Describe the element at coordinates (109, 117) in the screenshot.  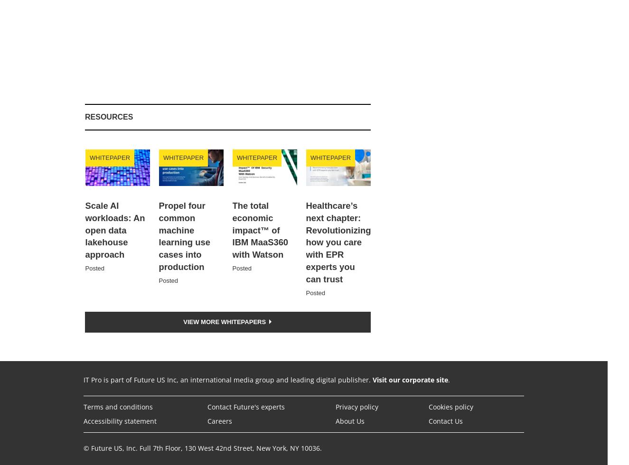
I see `'Resources'` at that location.